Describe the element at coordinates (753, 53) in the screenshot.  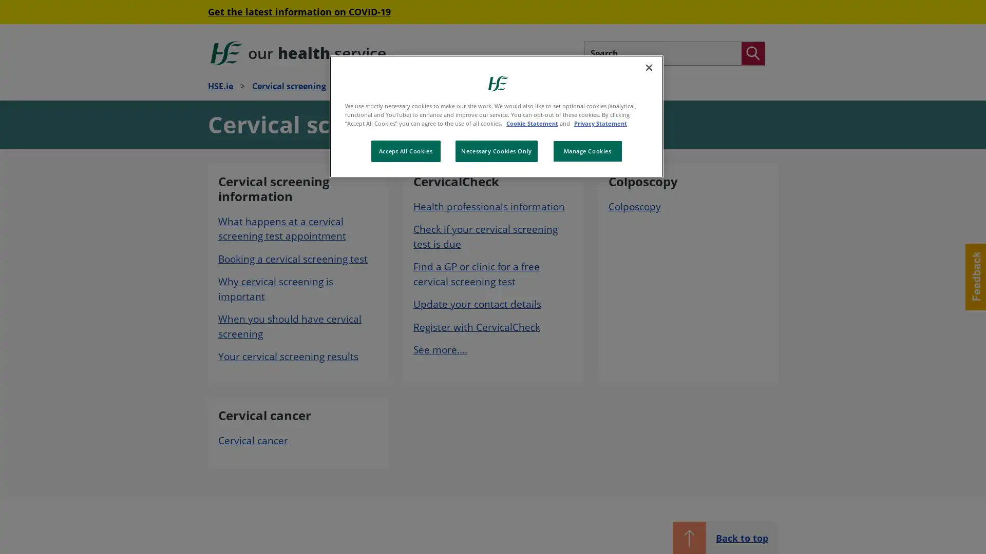
I see `Search` at that location.